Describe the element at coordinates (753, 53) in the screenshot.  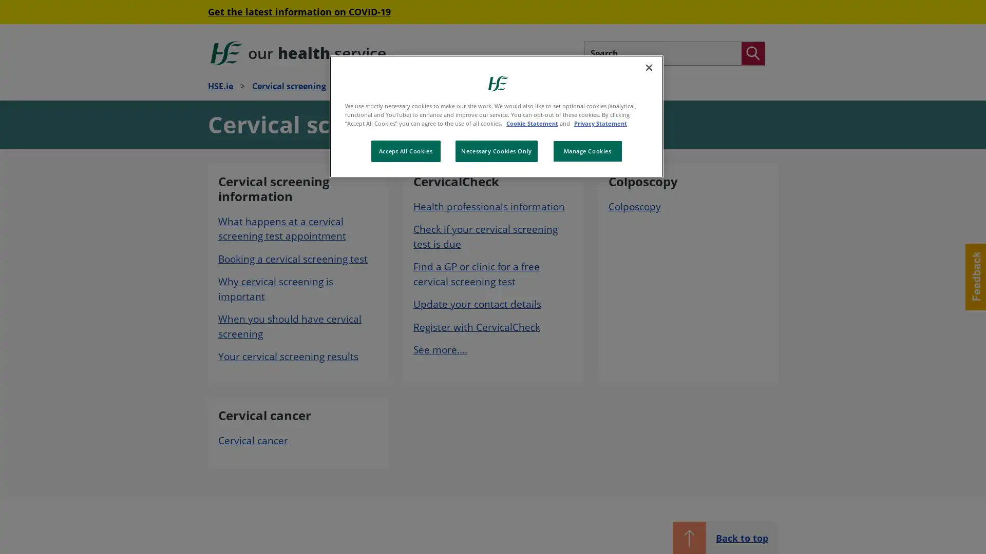
I see `Search` at that location.